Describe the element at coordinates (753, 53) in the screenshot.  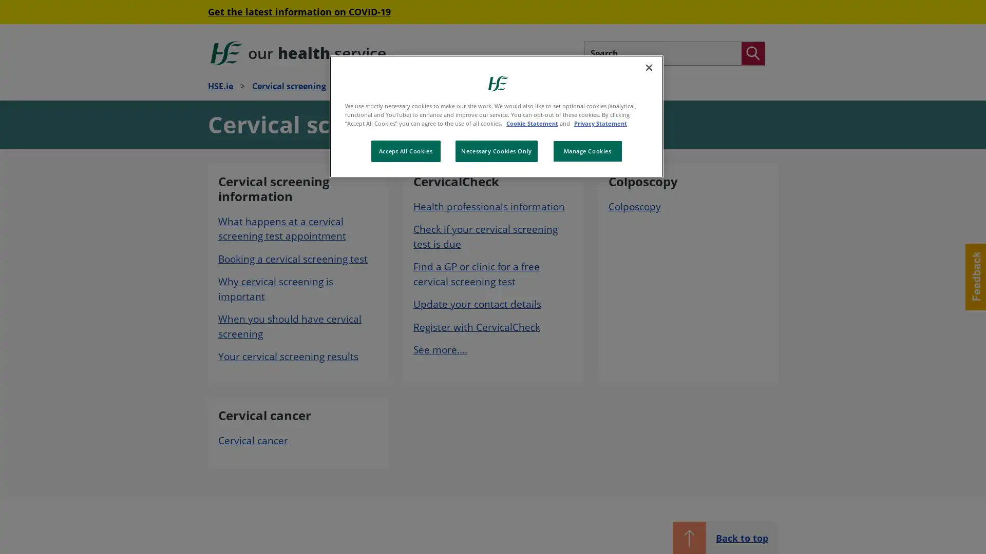
I see `Search` at that location.